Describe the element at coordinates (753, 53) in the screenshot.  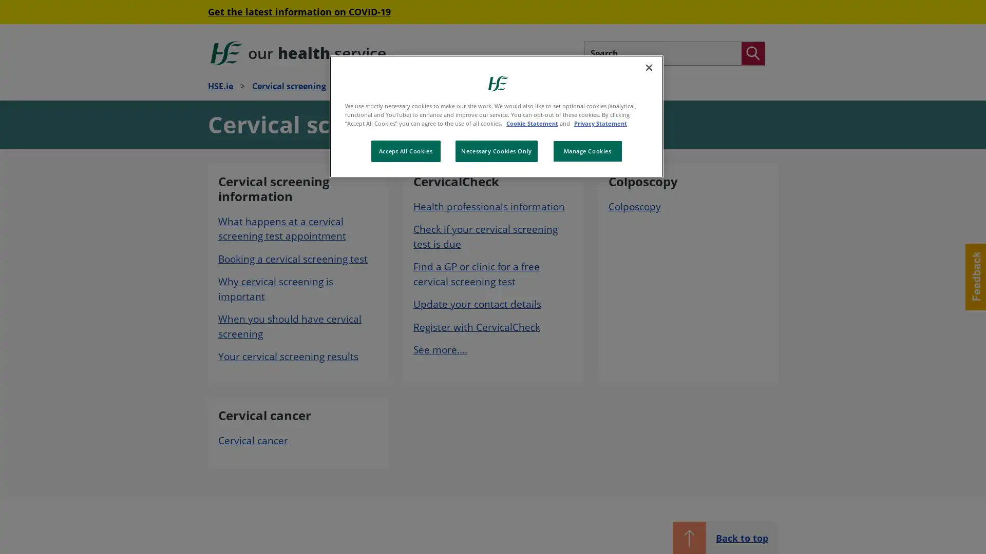
I see `Search` at that location.